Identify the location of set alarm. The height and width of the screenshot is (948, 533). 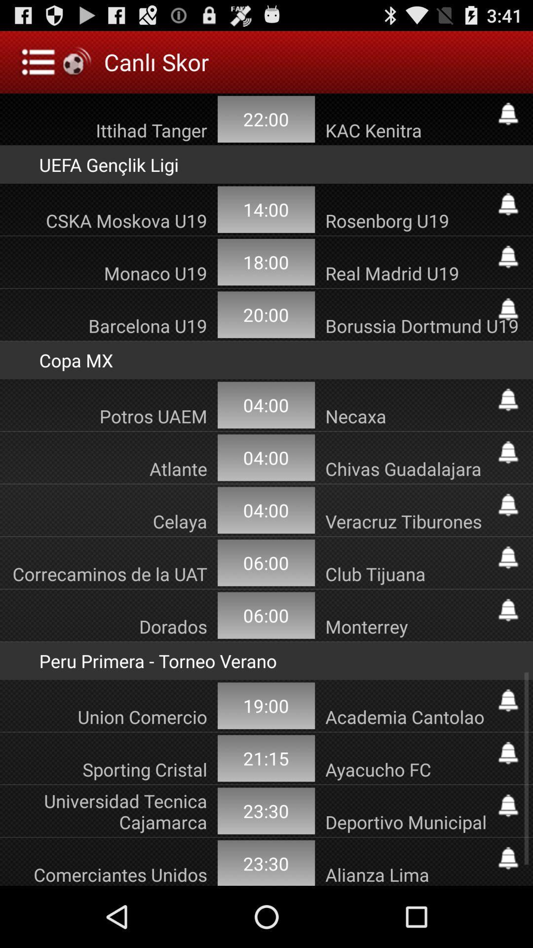
(508, 452).